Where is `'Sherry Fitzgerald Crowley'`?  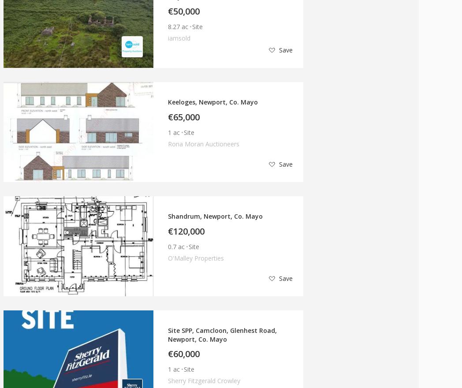
'Sherry Fitzgerald Crowley' is located at coordinates (204, 381).